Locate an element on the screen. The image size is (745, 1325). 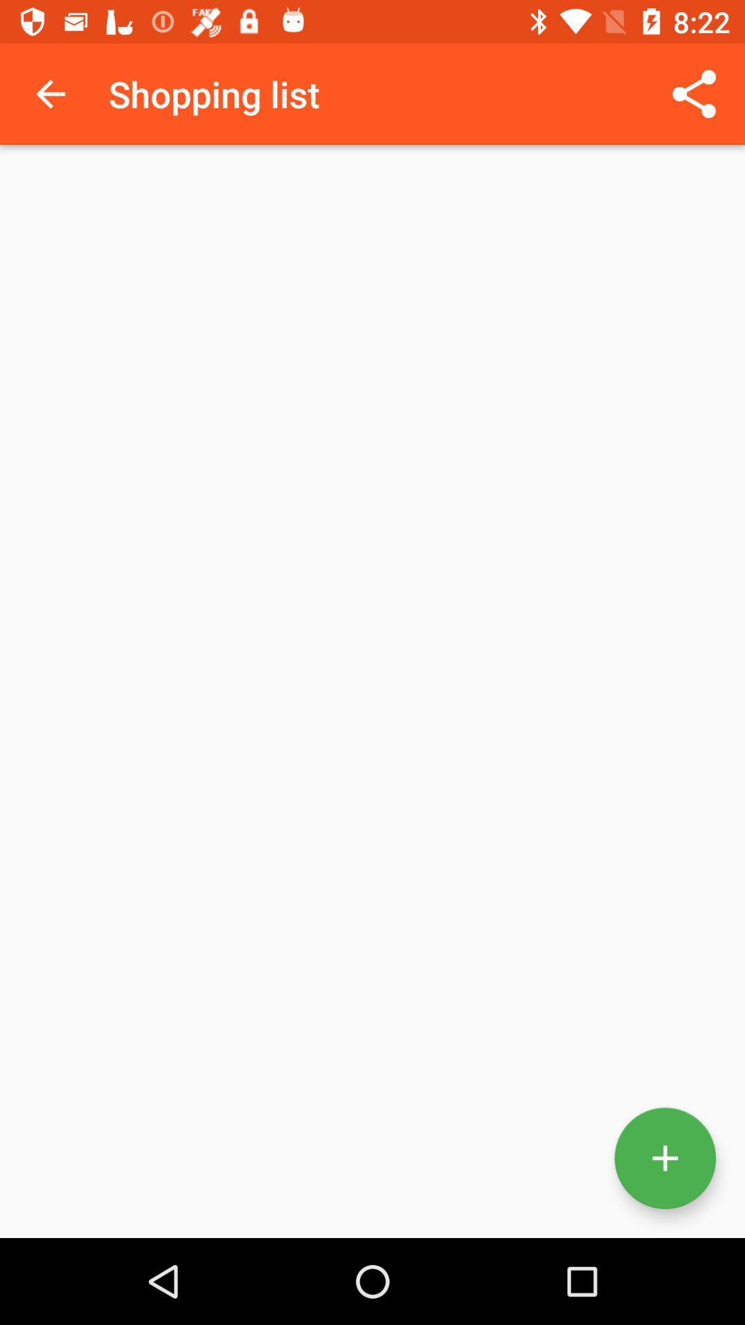
the add icon is located at coordinates (664, 1158).